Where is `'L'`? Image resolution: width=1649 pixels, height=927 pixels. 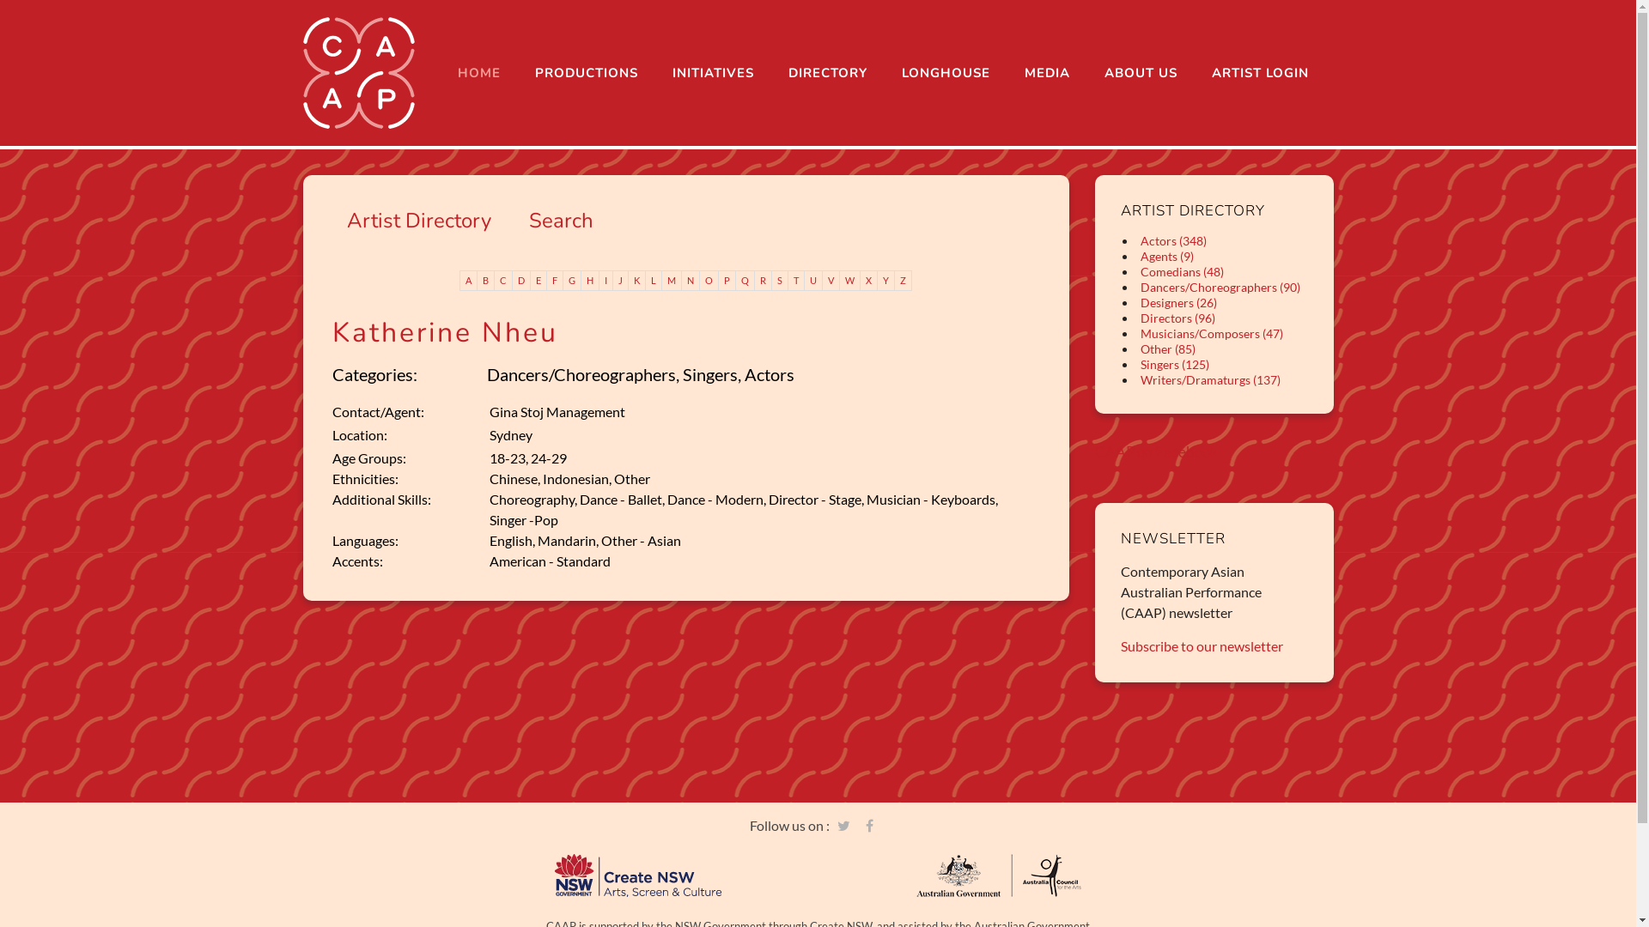 'L' is located at coordinates (653, 280).